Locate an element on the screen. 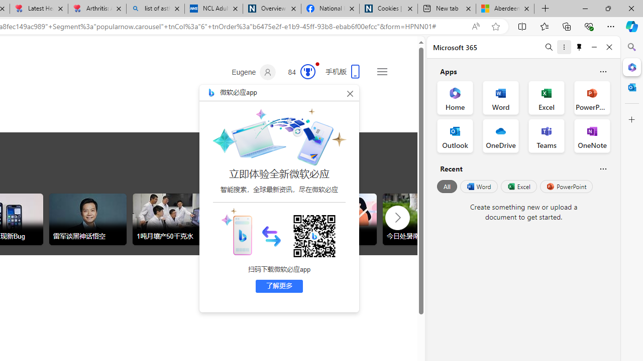 This screenshot has height=361, width=643. 'NCL Adult Asthma Inhaler Choice Guideline' is located at coordinates (212, 9).